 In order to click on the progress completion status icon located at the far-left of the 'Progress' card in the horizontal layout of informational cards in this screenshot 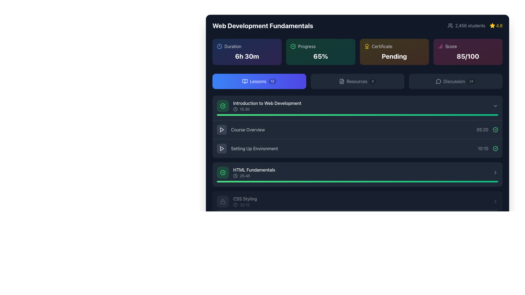, I will do `click(293, 46)`.